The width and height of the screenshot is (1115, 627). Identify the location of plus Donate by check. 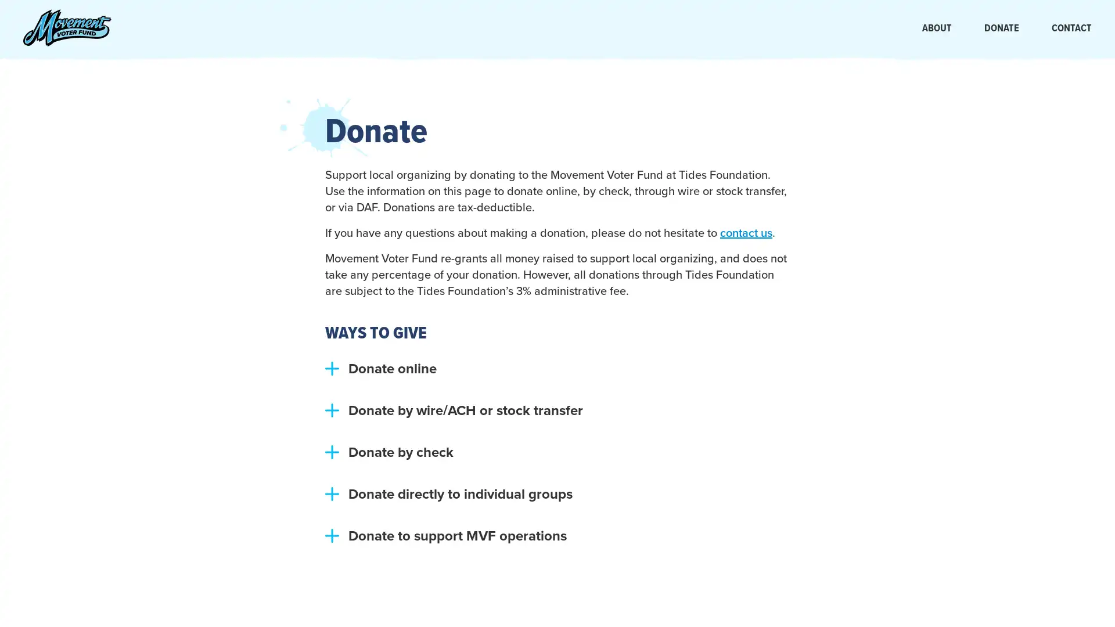
(557, 452).